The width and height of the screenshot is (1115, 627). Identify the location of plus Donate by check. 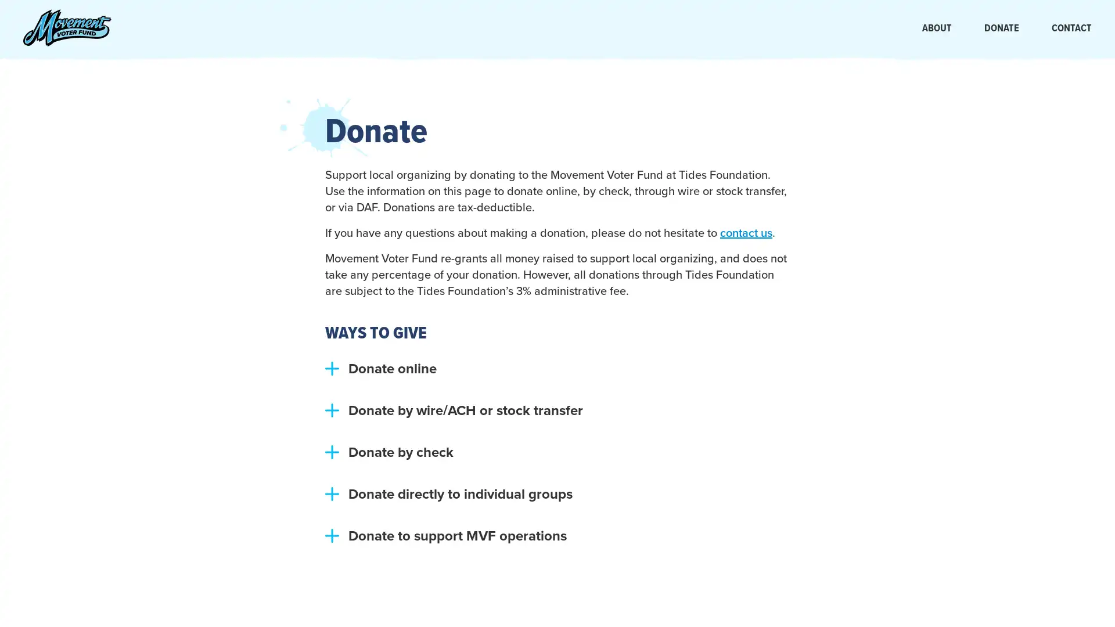
(557, 452).